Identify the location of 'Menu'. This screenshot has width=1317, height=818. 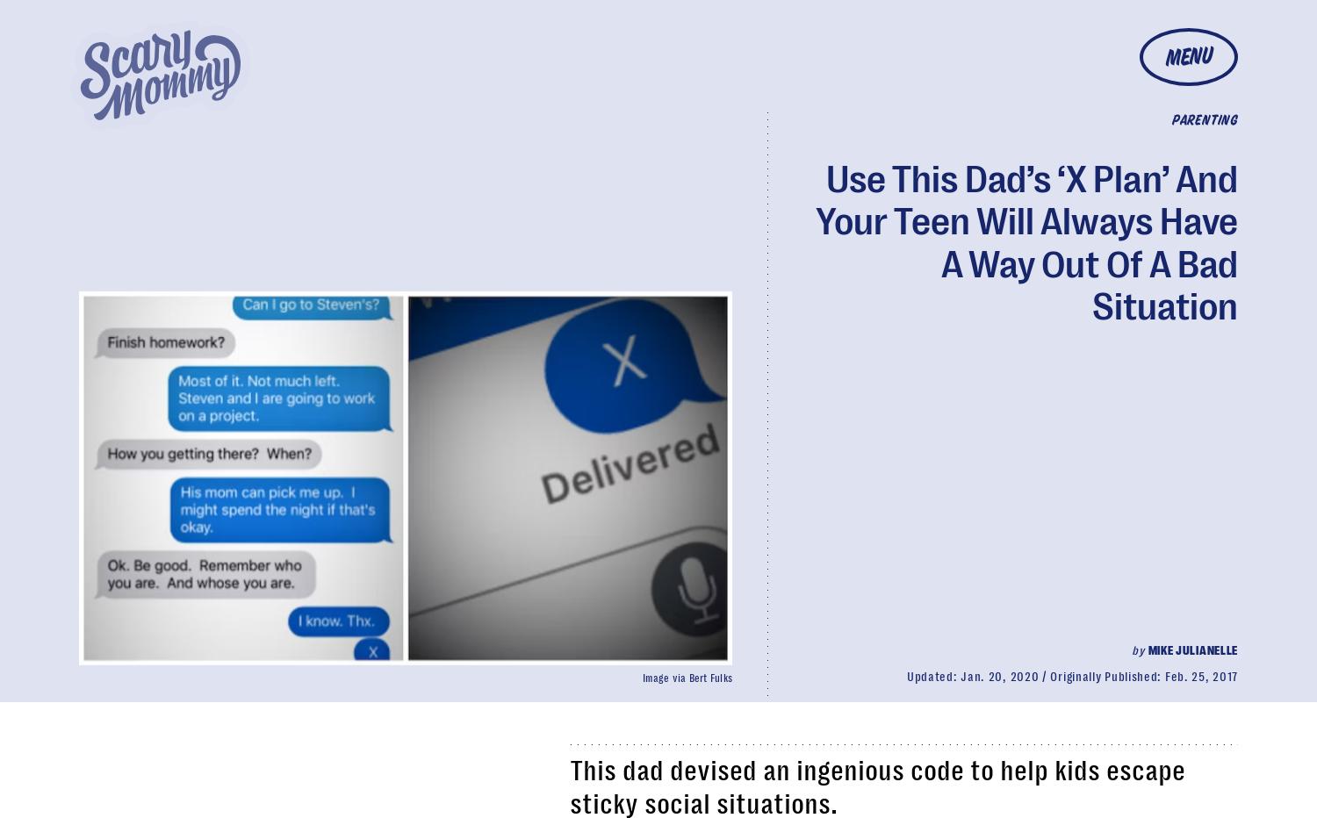
(1187, 57).